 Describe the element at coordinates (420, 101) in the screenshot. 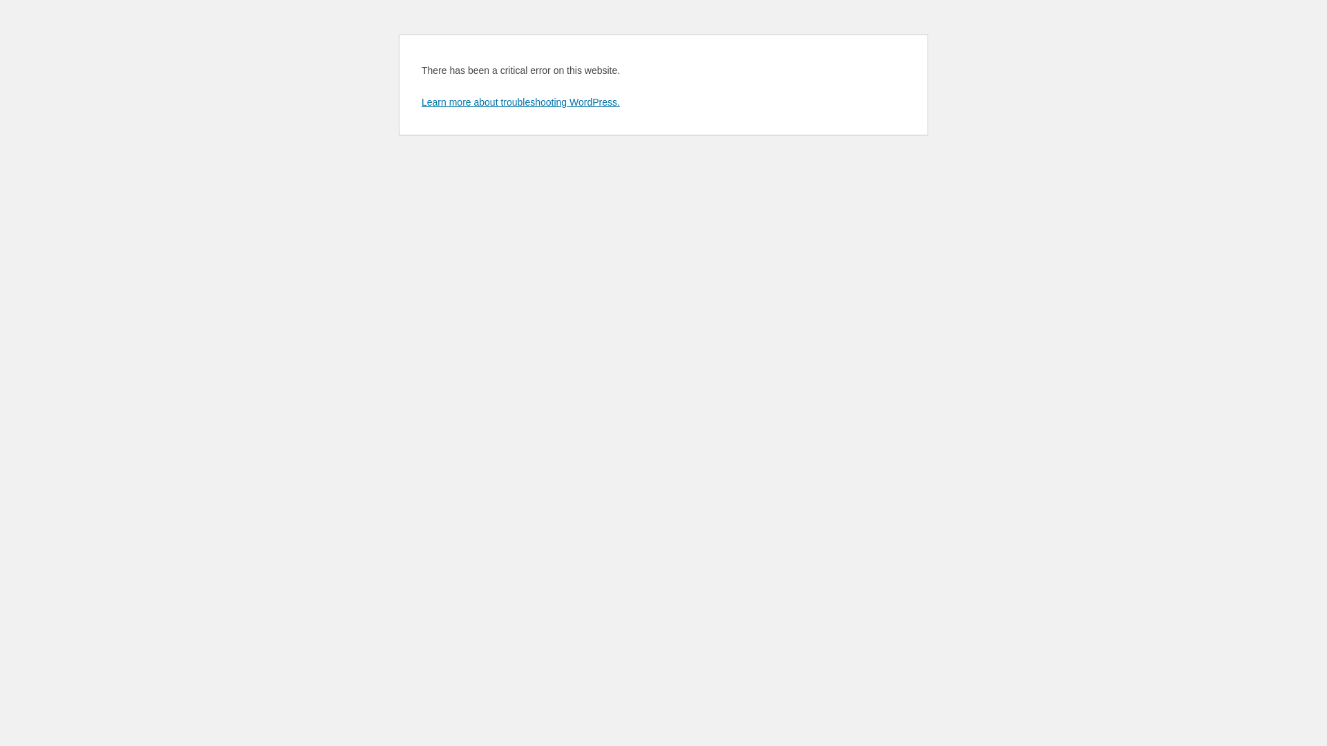

I see `'Learn more about troubleshooting WordPress.'` at that location.